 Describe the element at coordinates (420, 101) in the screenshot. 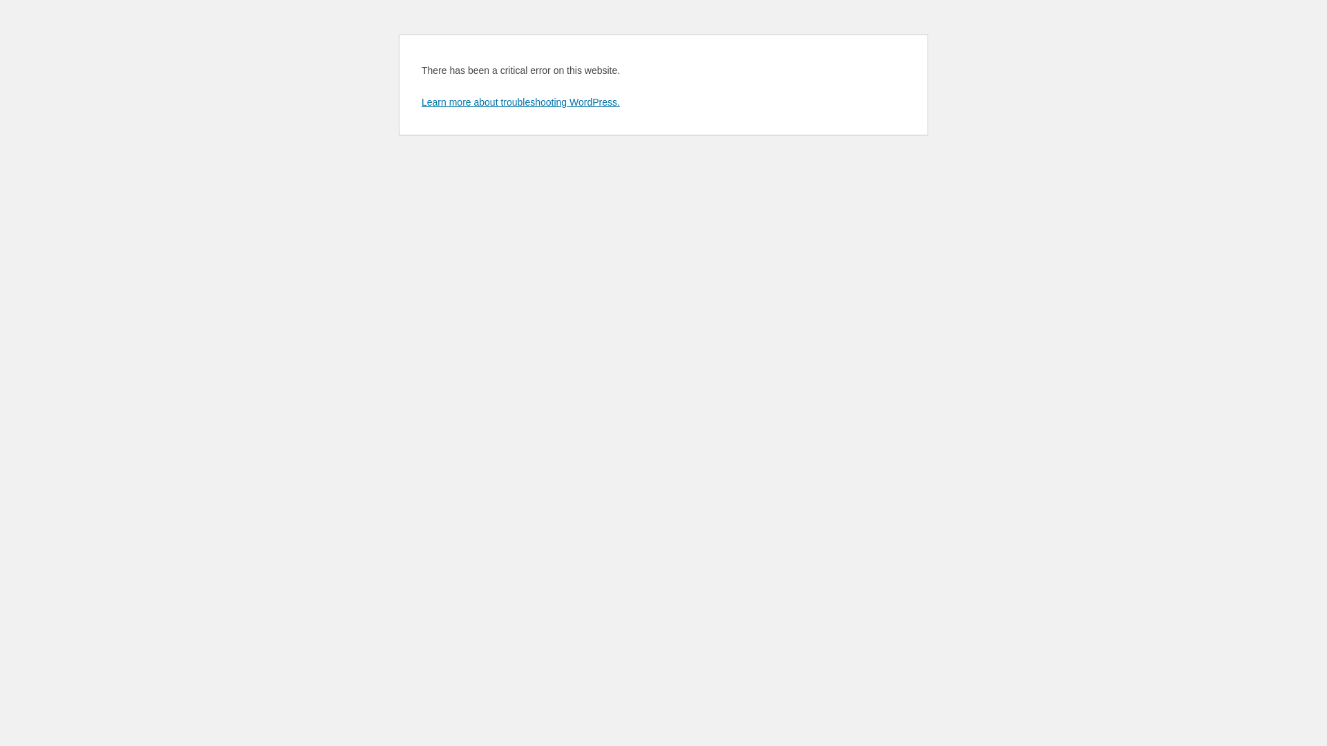

I see `'Learn more about troubleshooting WordPress.'` at that location.